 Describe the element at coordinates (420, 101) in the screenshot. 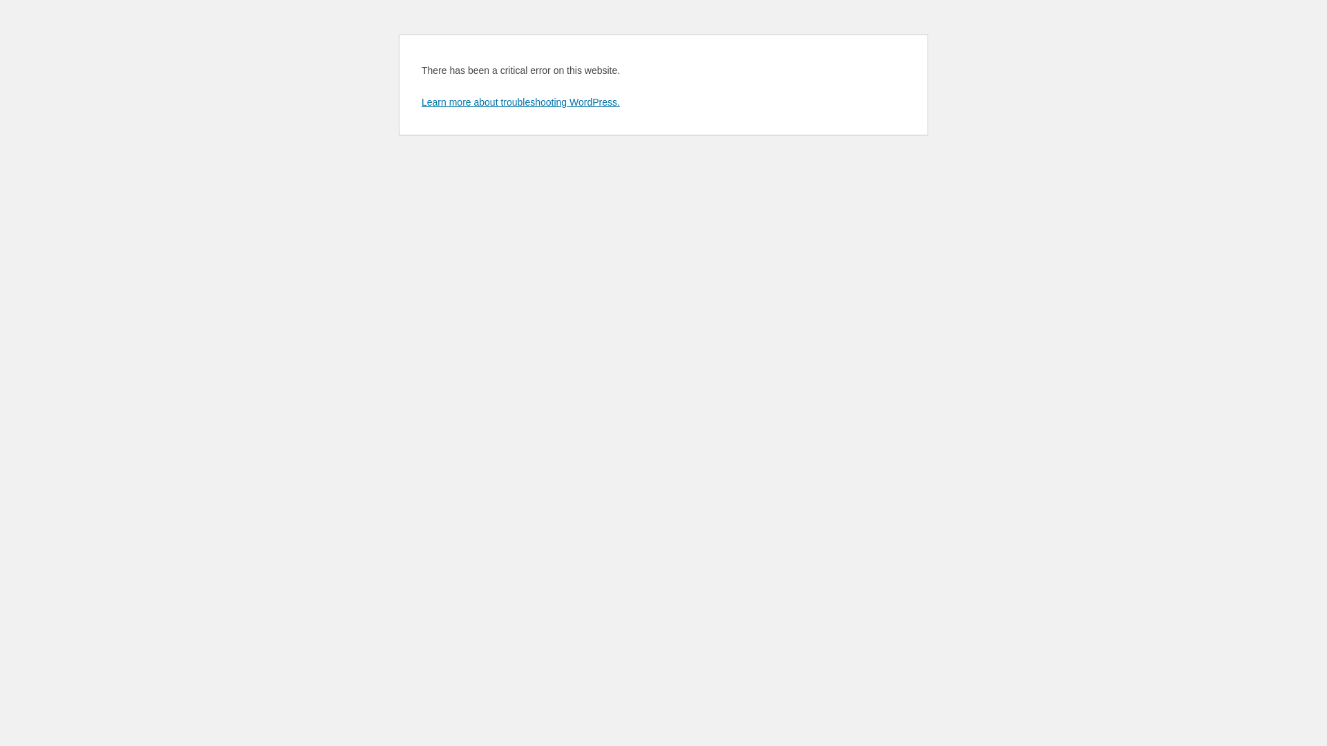

I see `'Learn more about troubleshooting WordPress.'` at that location.